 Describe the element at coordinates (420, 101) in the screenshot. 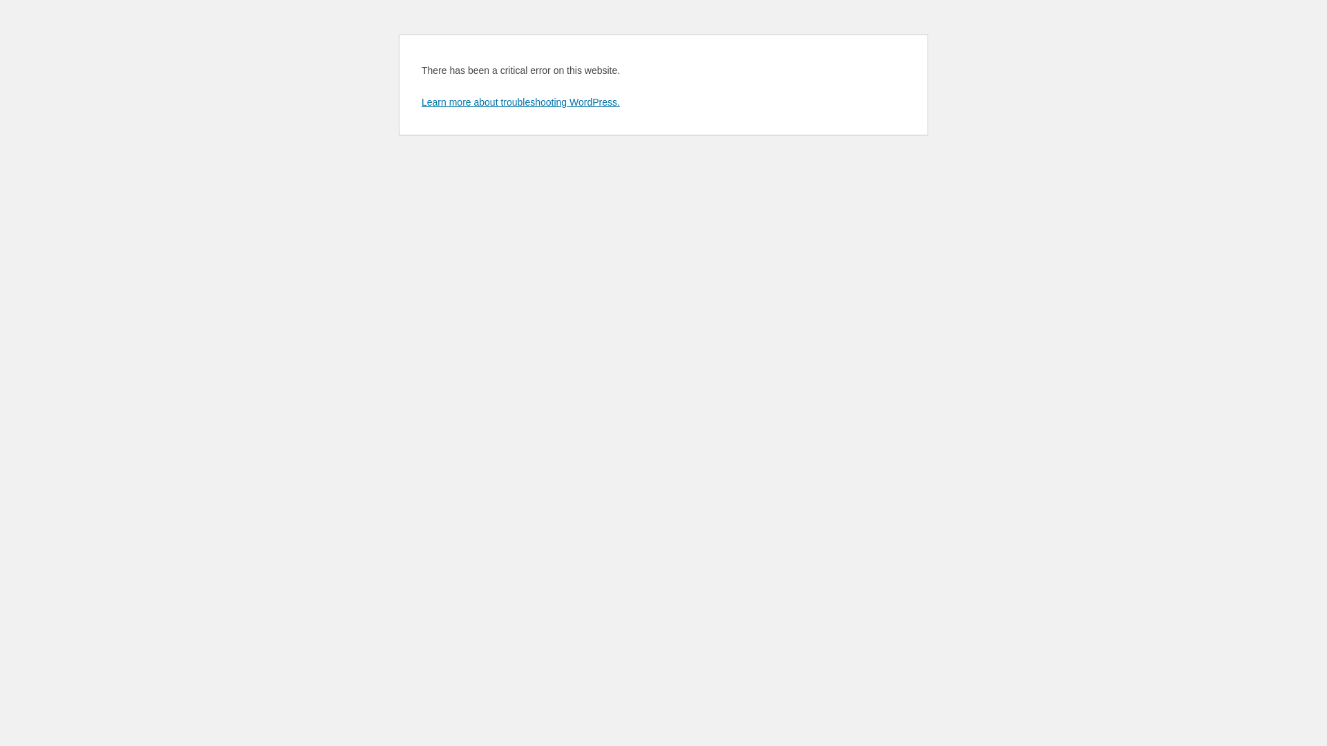

I see `'Learn more about troubleshooting WordPress.'` at that location.